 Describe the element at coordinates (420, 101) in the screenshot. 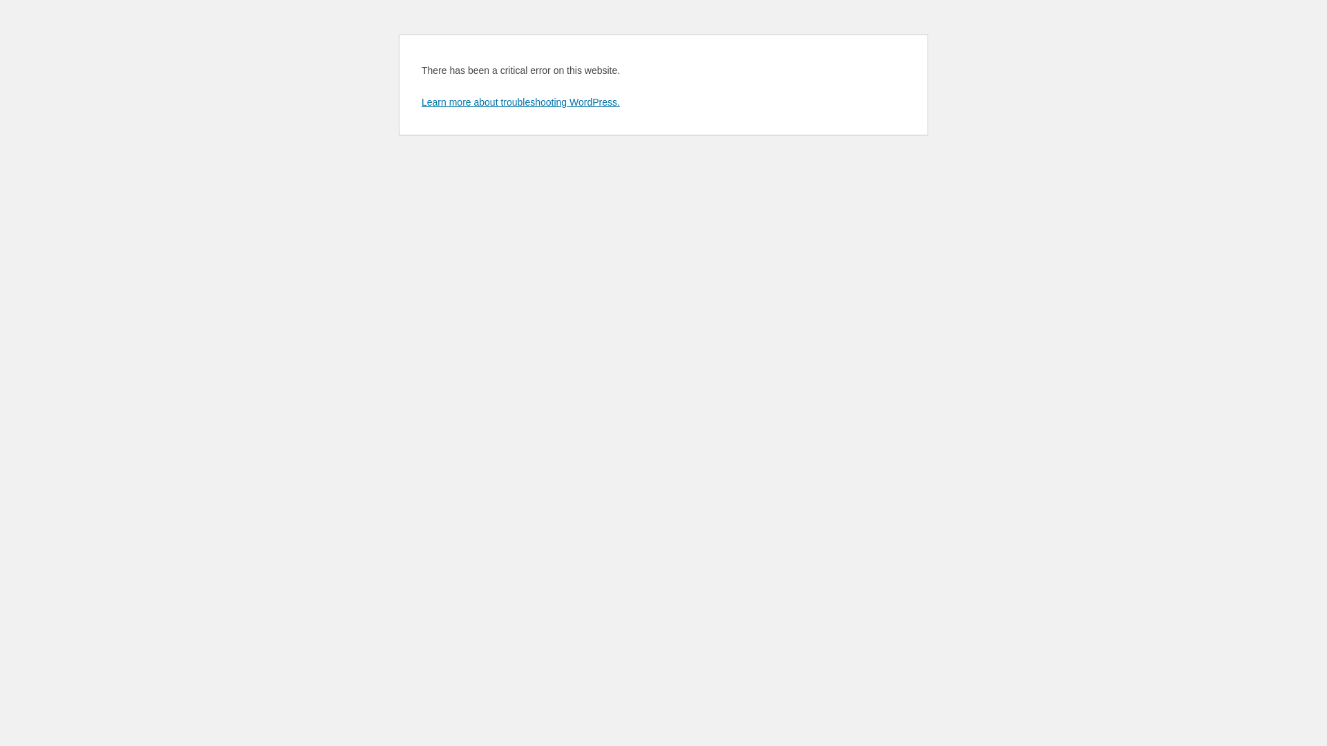

I see `'Learn more about troubleshooting WordPress.'` at that location.